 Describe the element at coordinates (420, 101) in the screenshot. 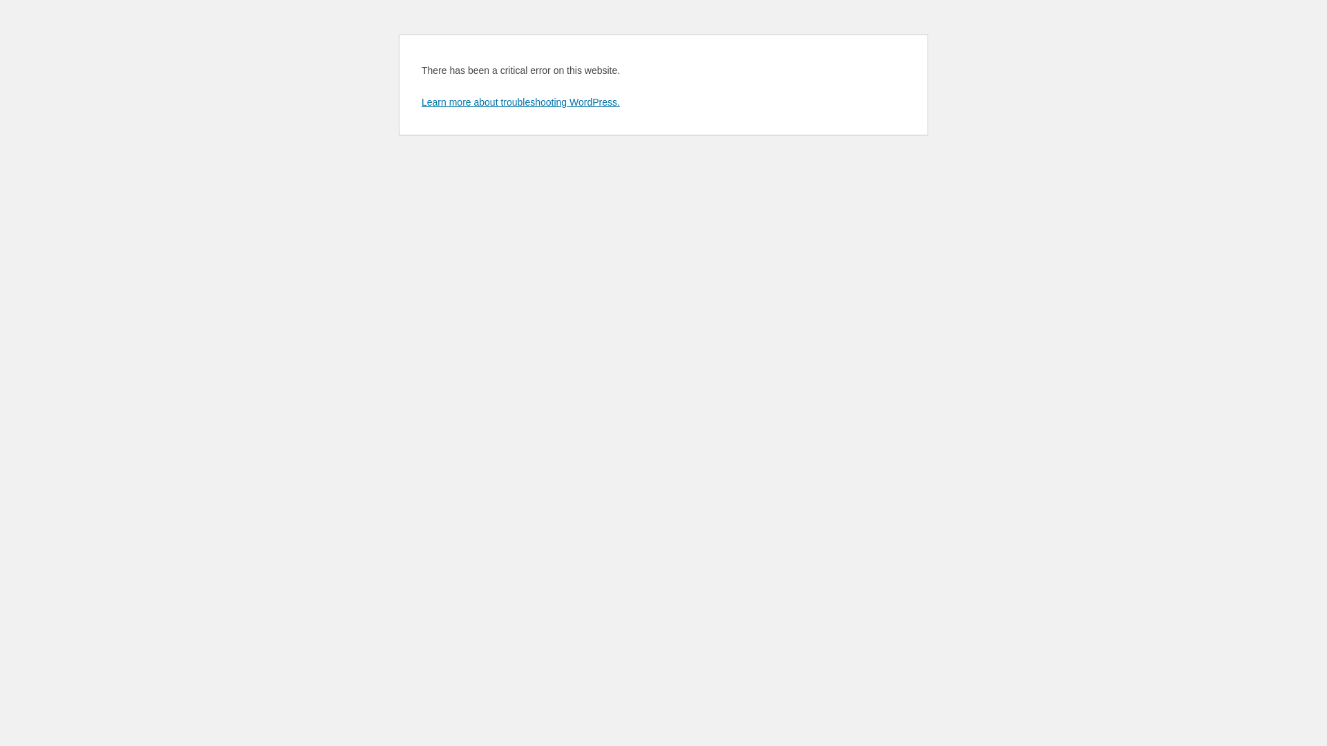

I see `'Learn more about troubleshooting WordPress.'` at that location.